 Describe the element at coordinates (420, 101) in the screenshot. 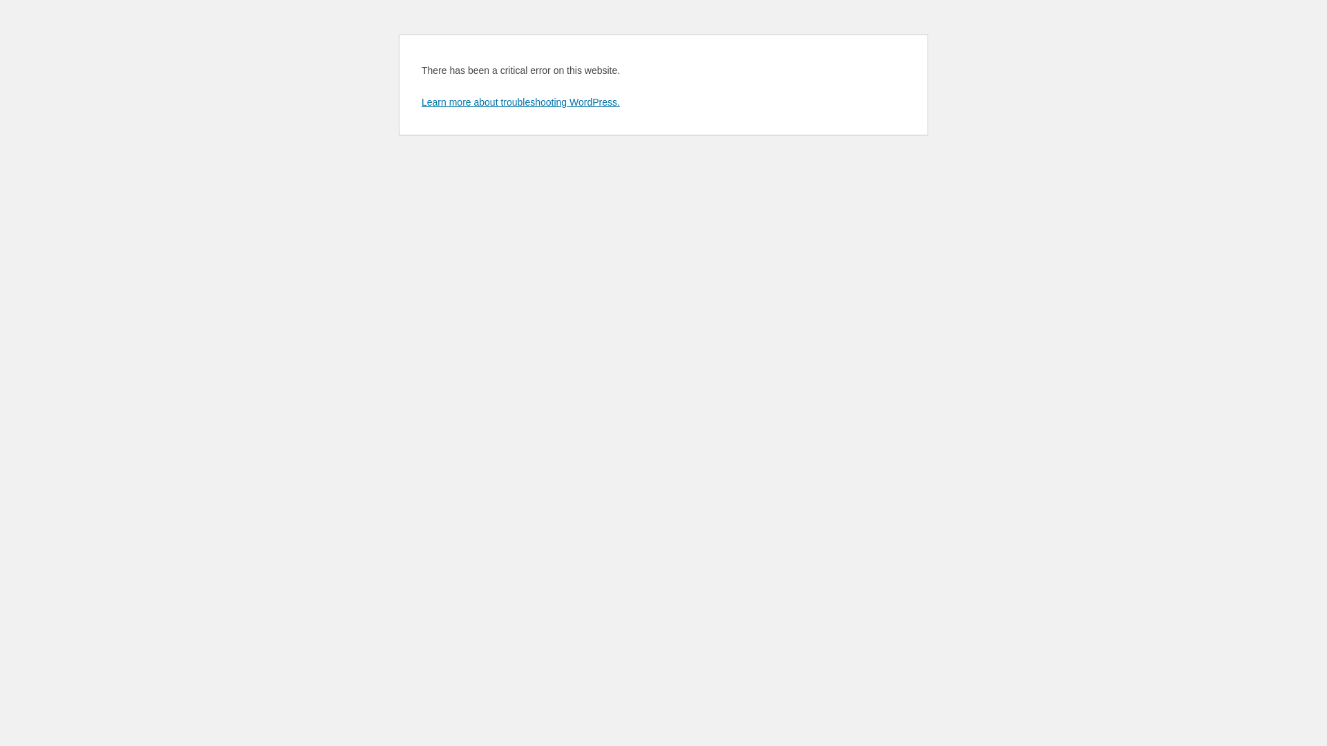

I see `'Learn more about troubleshooting WordPress.'` at that location.